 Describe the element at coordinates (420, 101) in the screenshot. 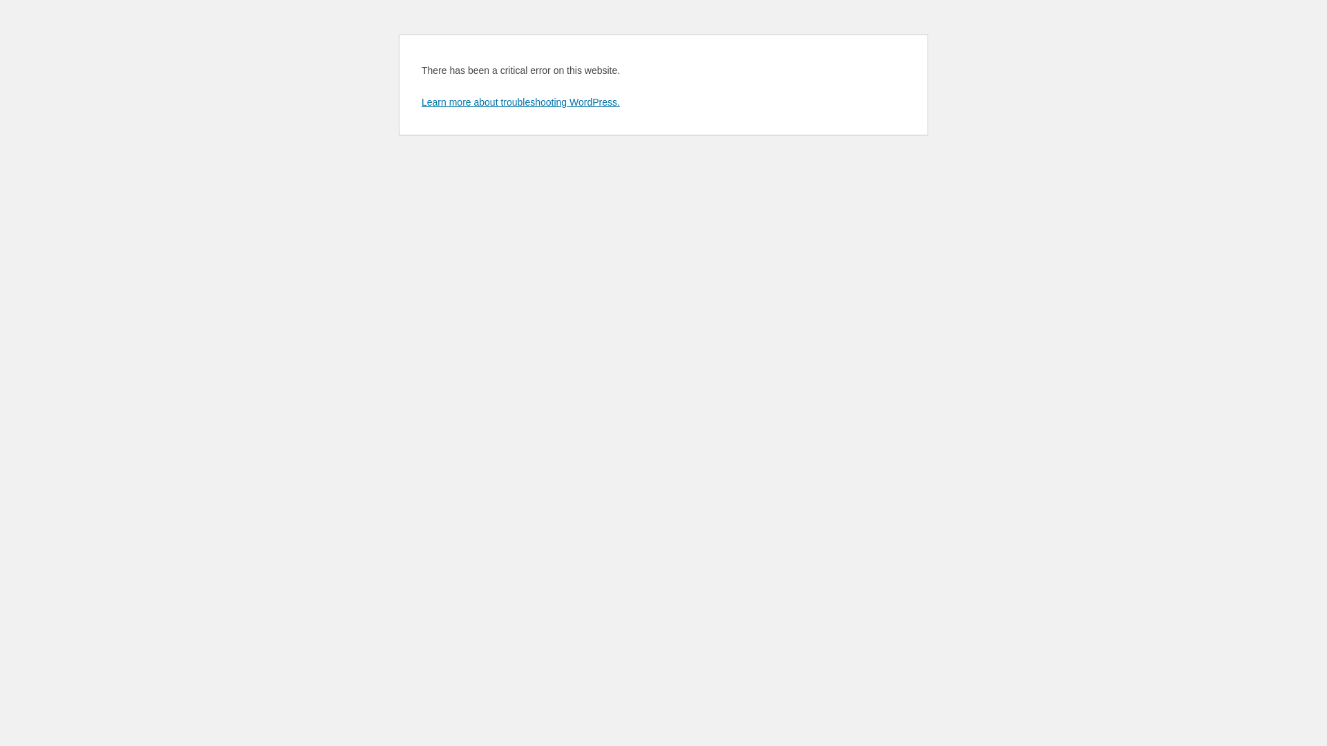

I see `'Learn more about troubleshooting WordPress.'` at that location.